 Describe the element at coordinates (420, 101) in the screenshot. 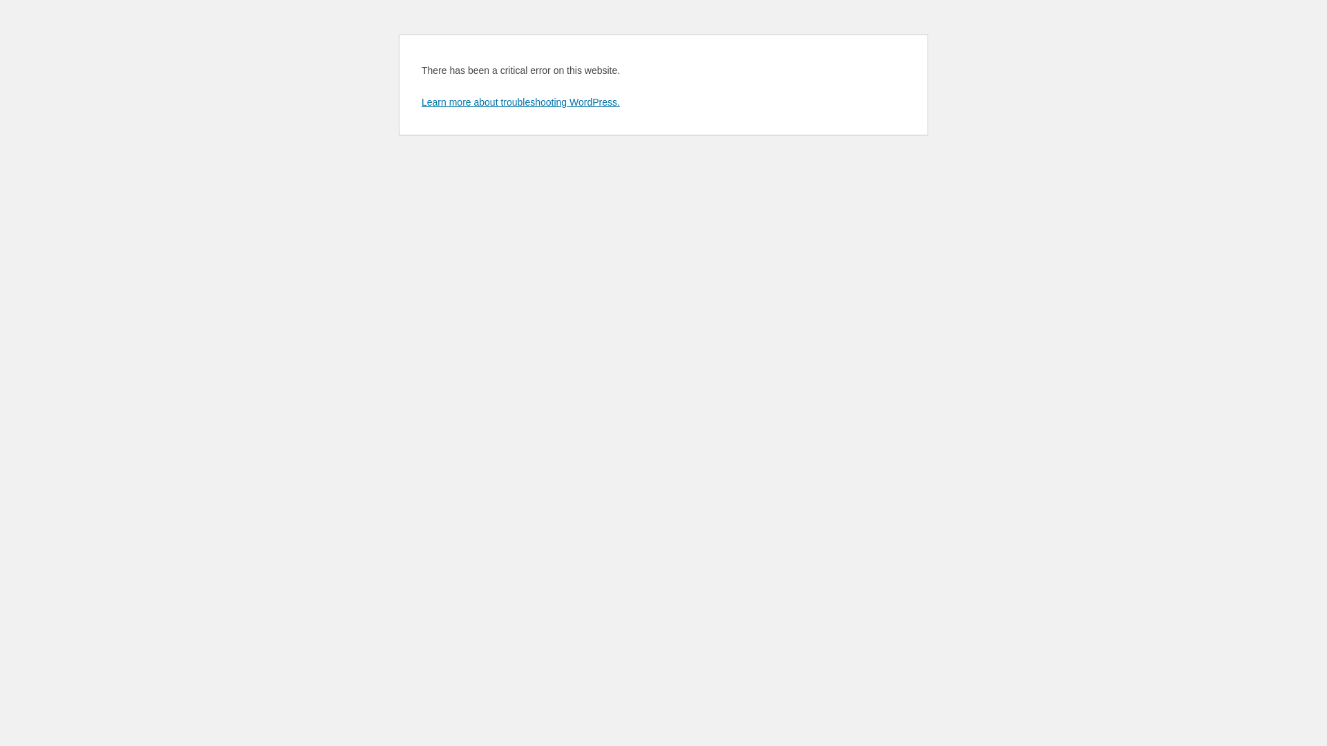

I see `'Learn more about troubleshooting WordPress.'` at that location.